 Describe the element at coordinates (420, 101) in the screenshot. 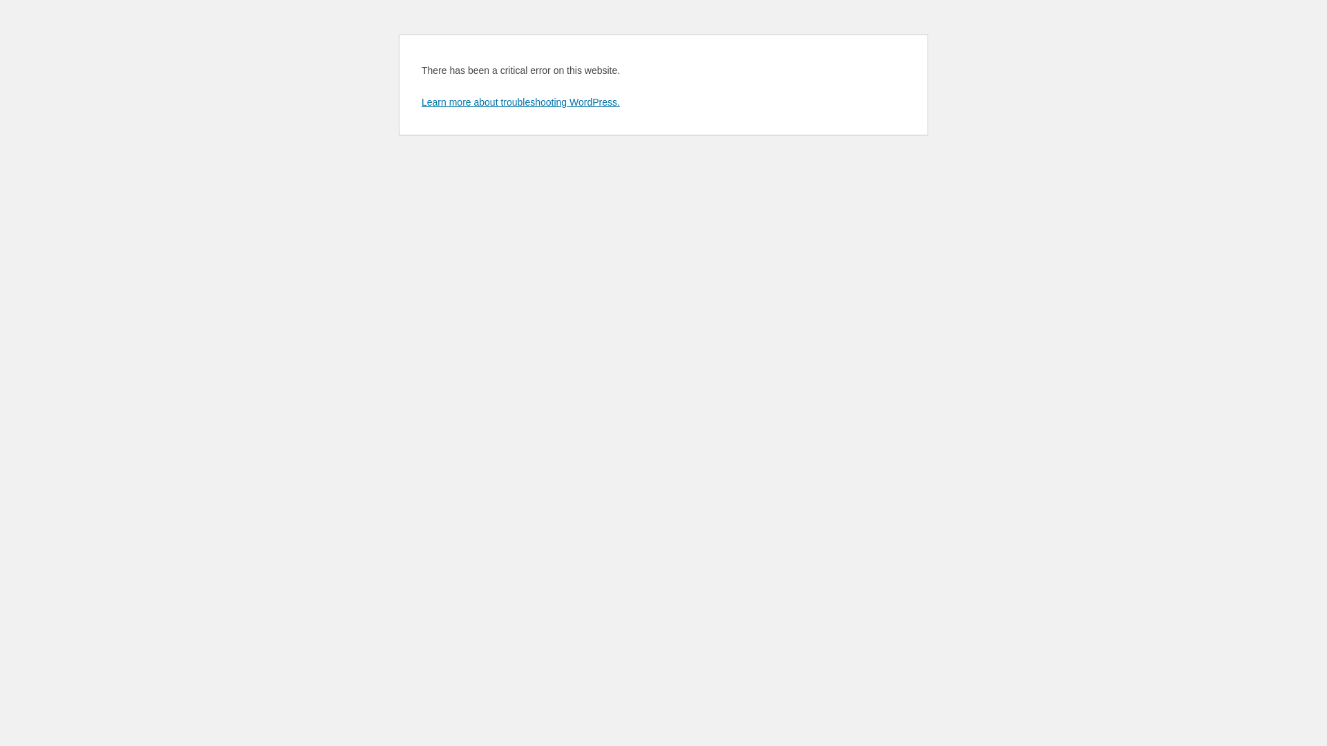

I see `'Learn more about troubleshooting WordPress.'` at that location.